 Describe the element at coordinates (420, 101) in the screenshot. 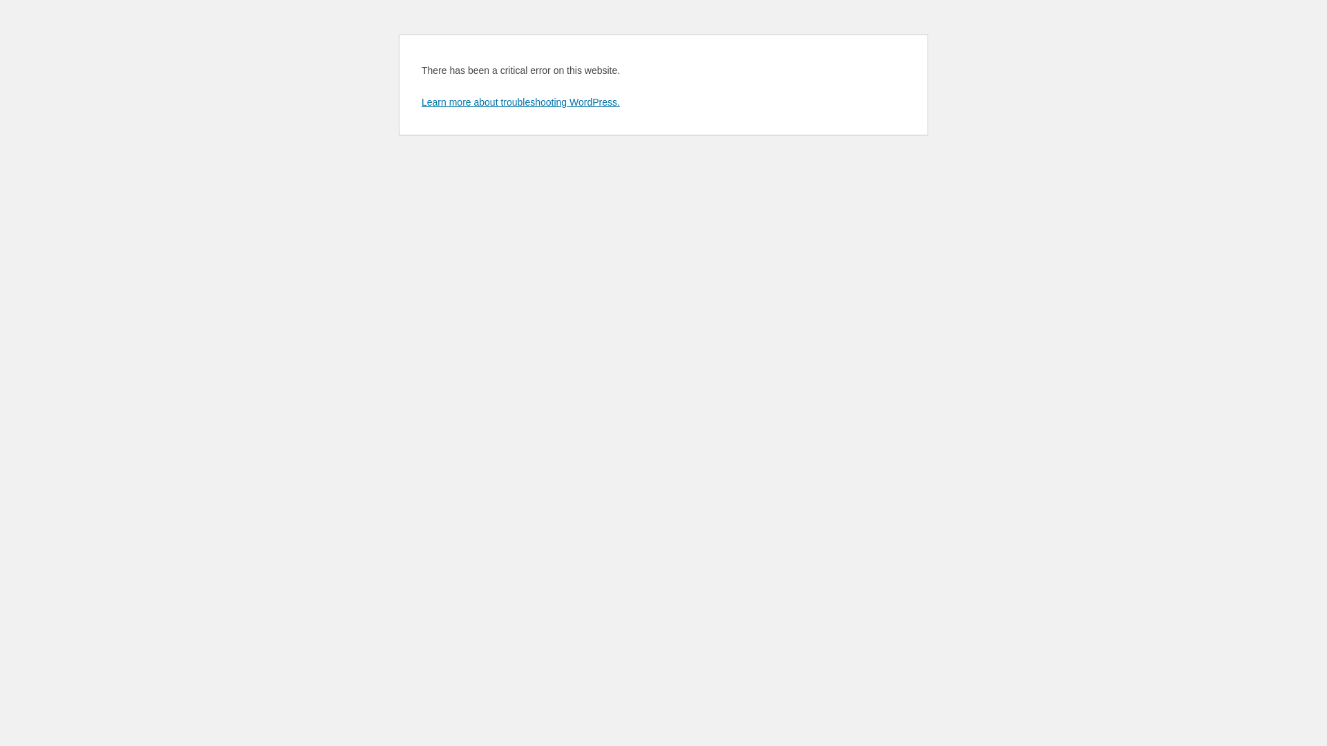

I see `'Learn more about troubleshooting WordPress.'` at that location.